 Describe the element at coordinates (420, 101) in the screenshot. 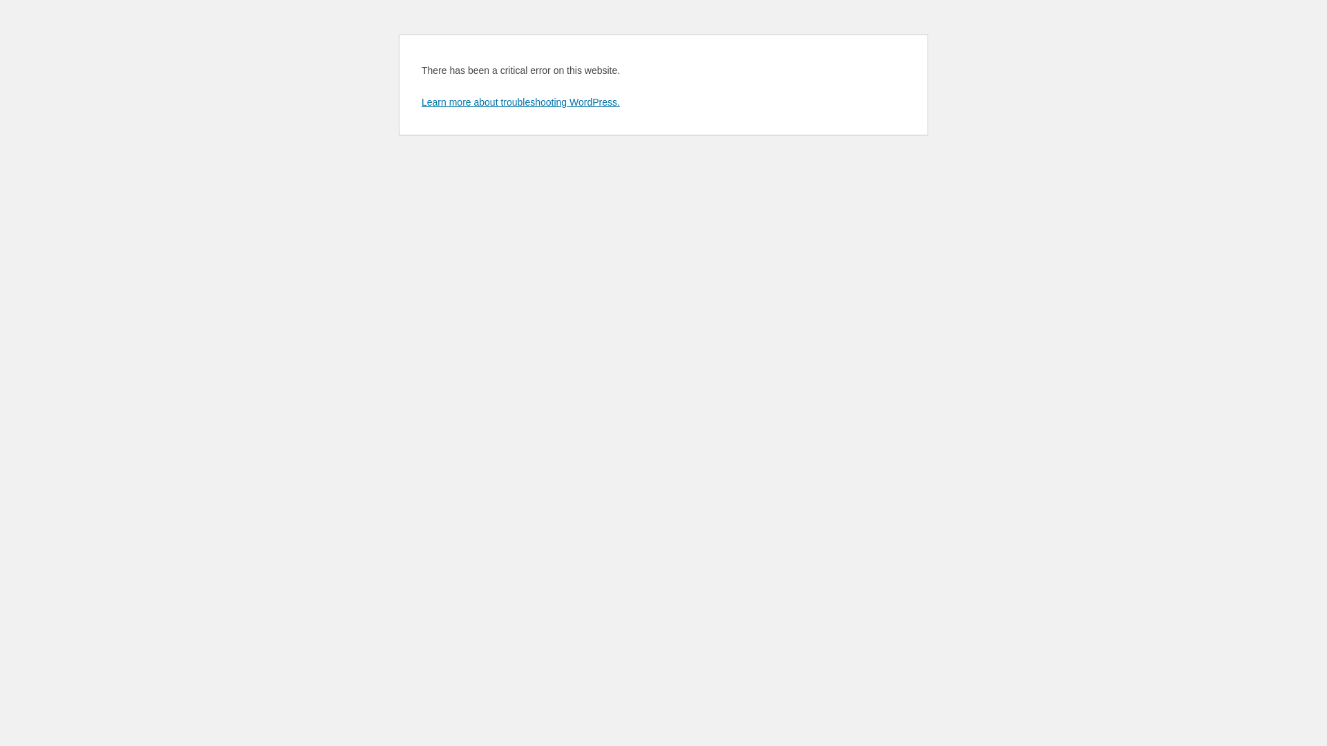

I see `'Learn more about troubleshooting WordPress.'` at that location.